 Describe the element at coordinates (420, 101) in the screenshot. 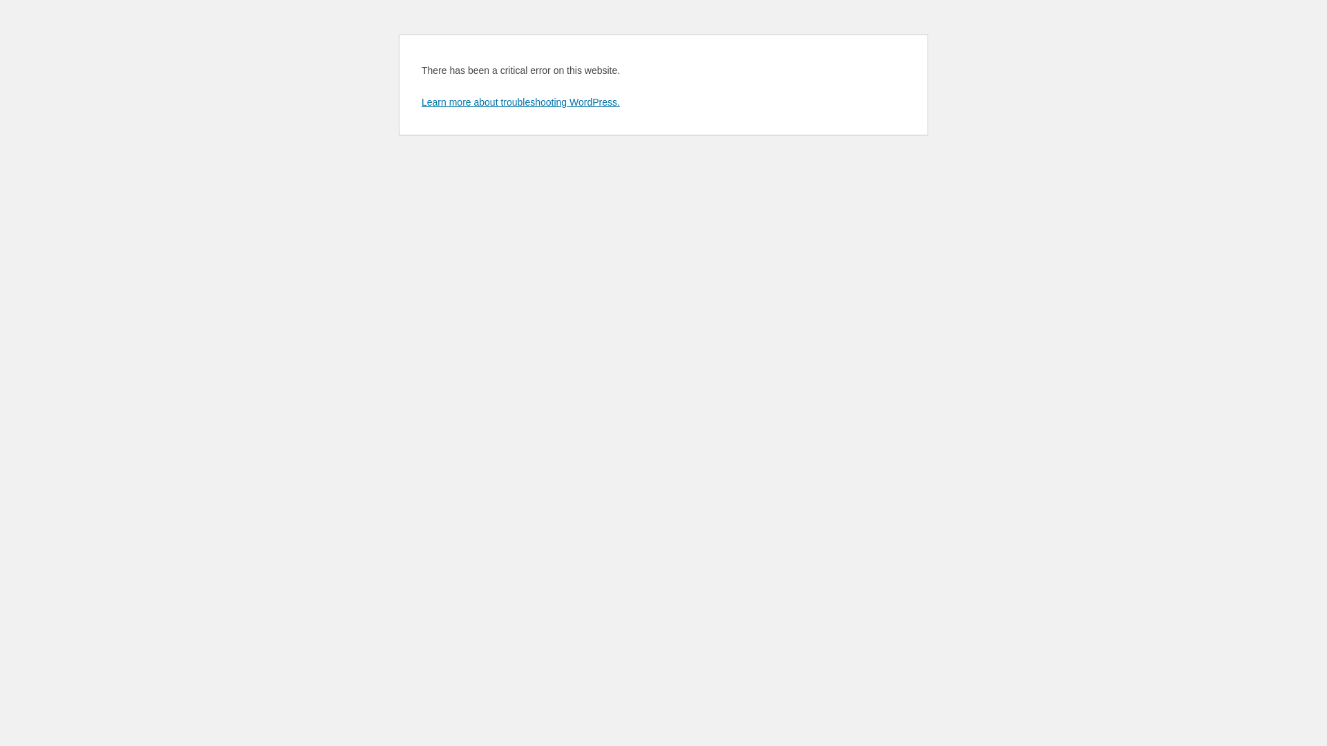

I see `'Learn more about troubleshooting WordPress.'` at that location.